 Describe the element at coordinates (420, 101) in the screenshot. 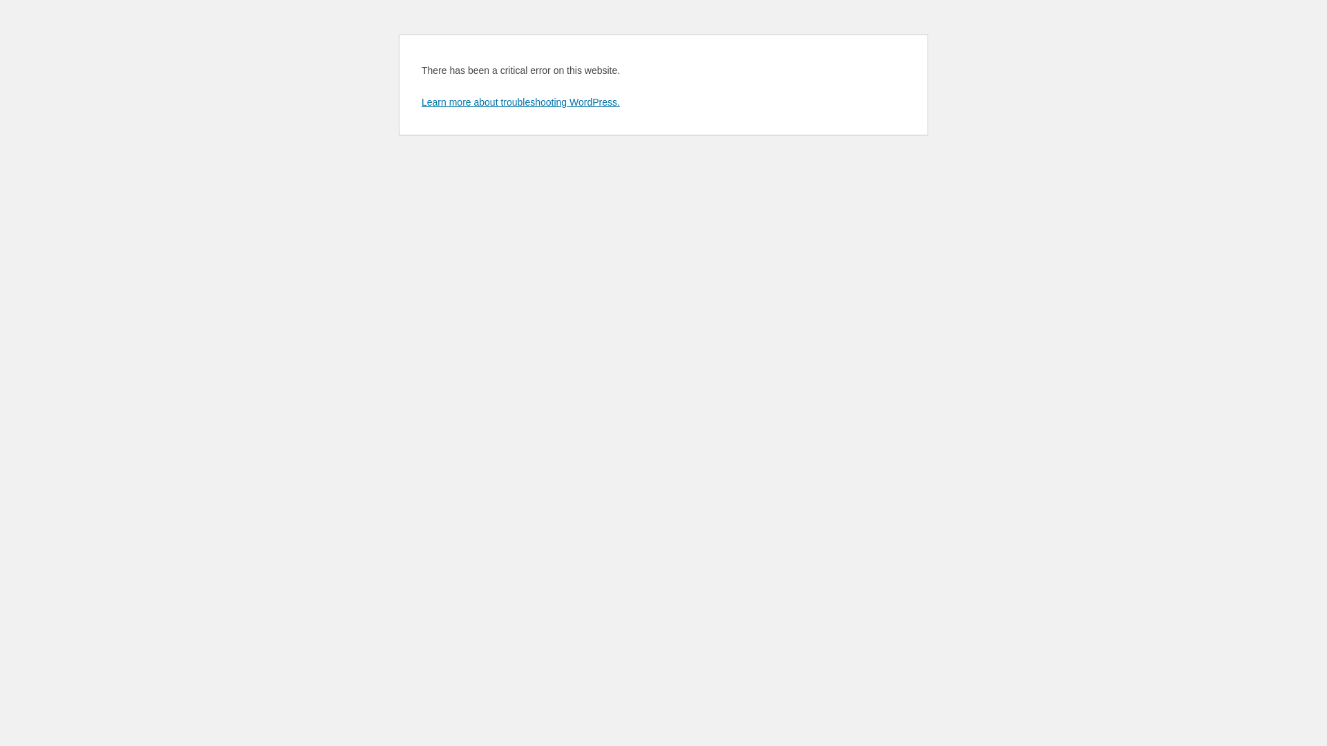

I see `'Learn more about troubleshooting WordPress.'` at that location.